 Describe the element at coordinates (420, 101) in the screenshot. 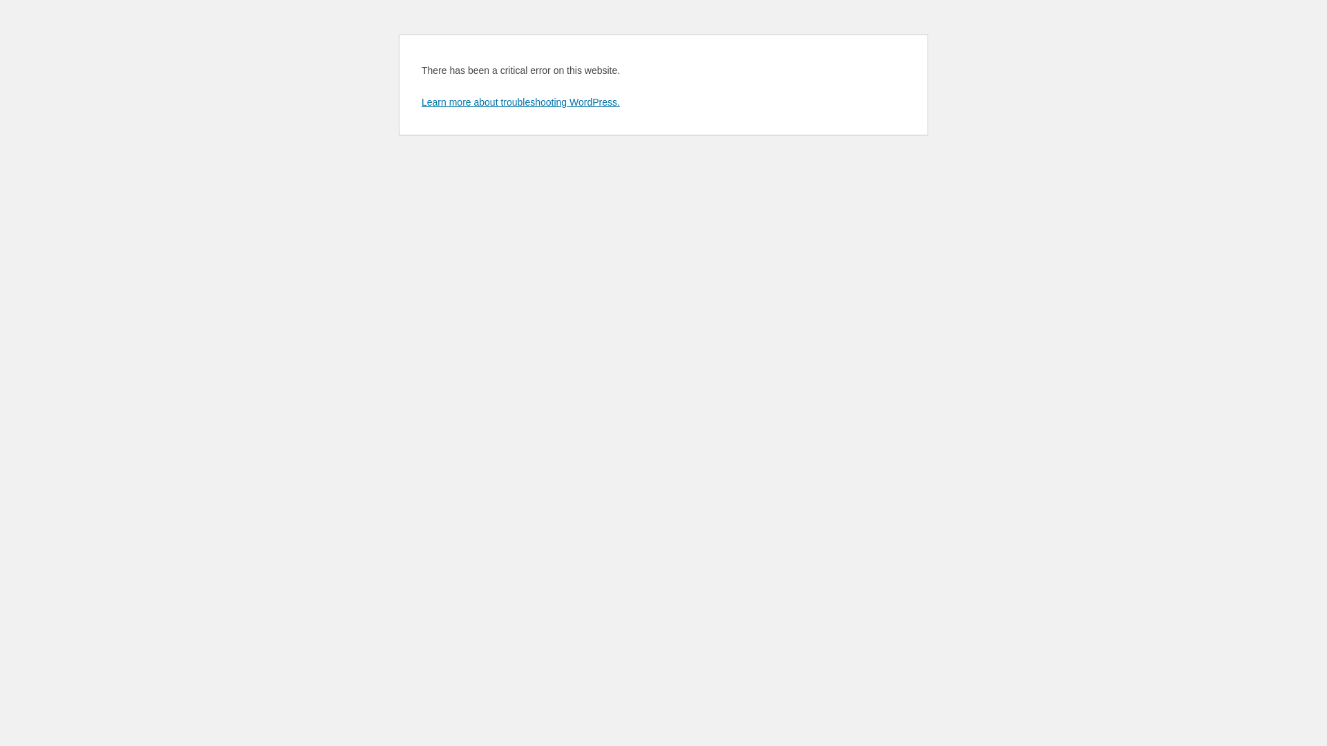

I see `'Learn more about troubleshooting WordPress.'` at that location.